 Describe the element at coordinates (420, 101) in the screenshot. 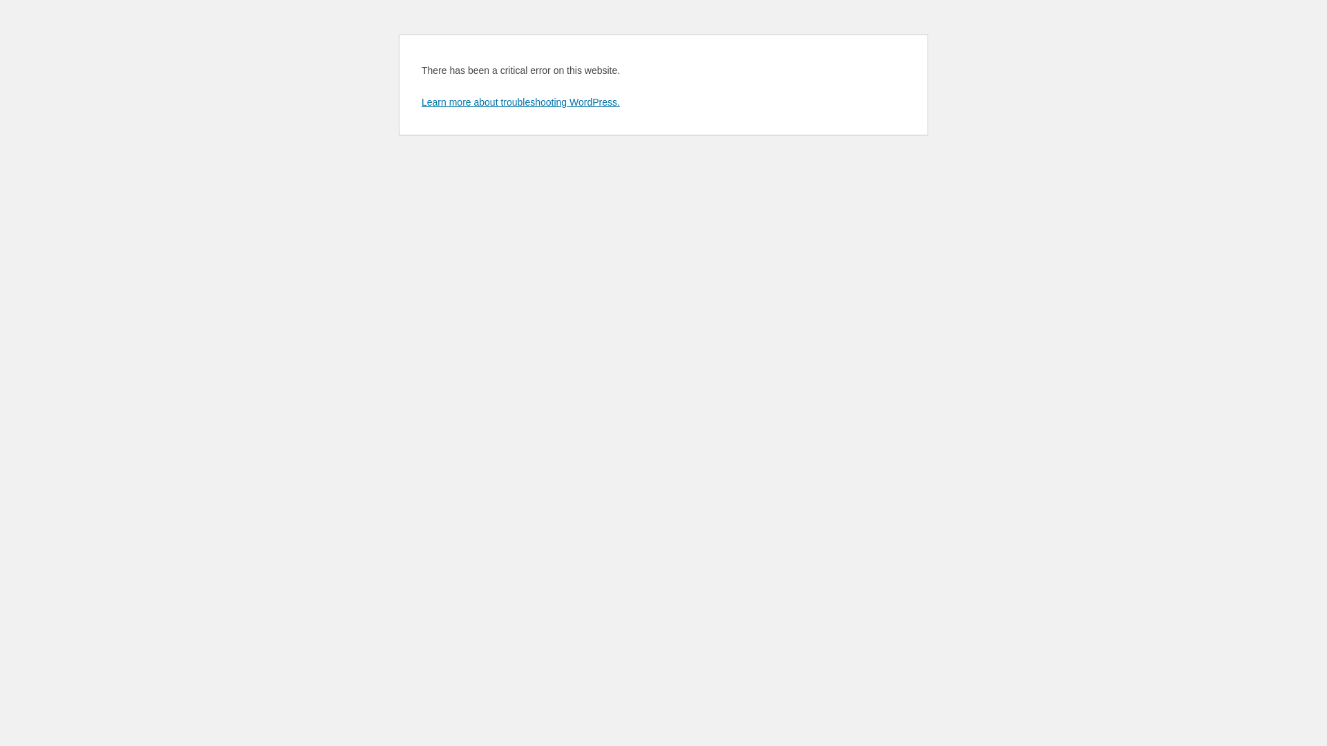

I see `'Learn more about troubleshooting WordPress.'` at that location.